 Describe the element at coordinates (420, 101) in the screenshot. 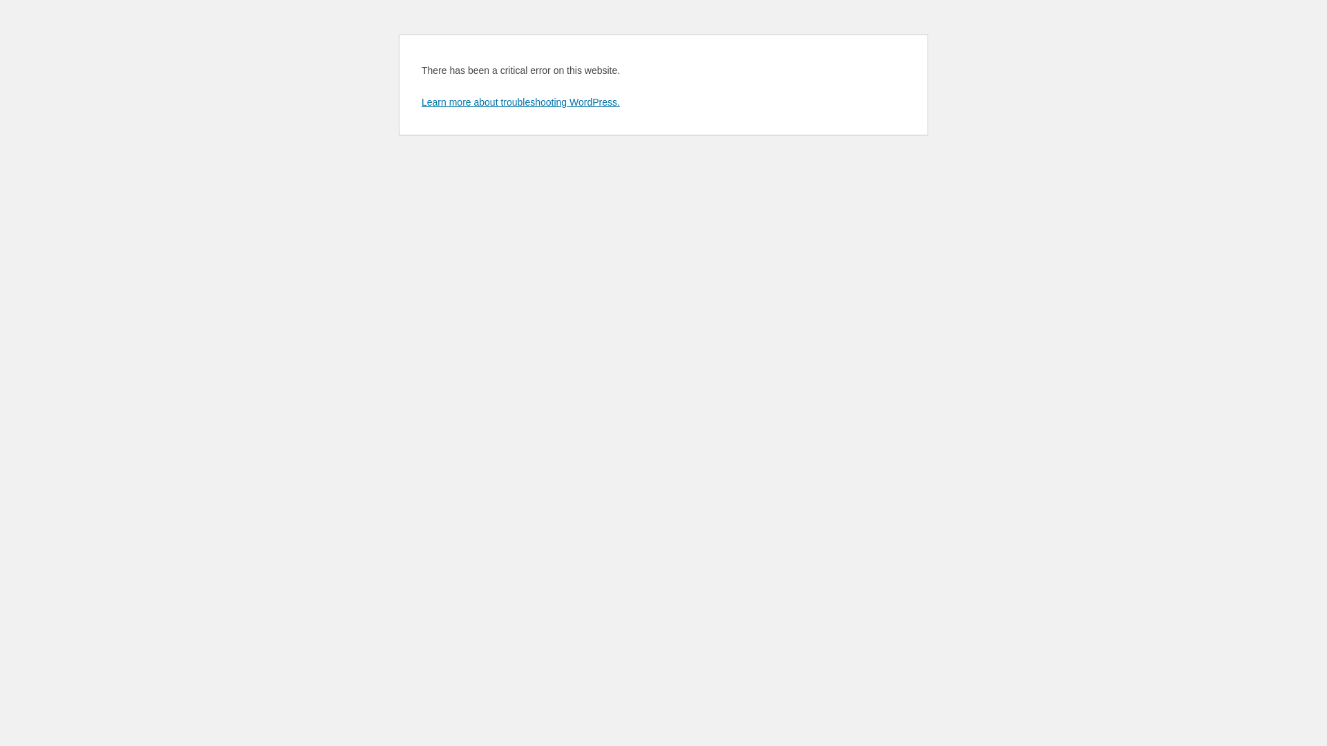

I see `'Learn more about troubleshooting WordPress.'` at that location.